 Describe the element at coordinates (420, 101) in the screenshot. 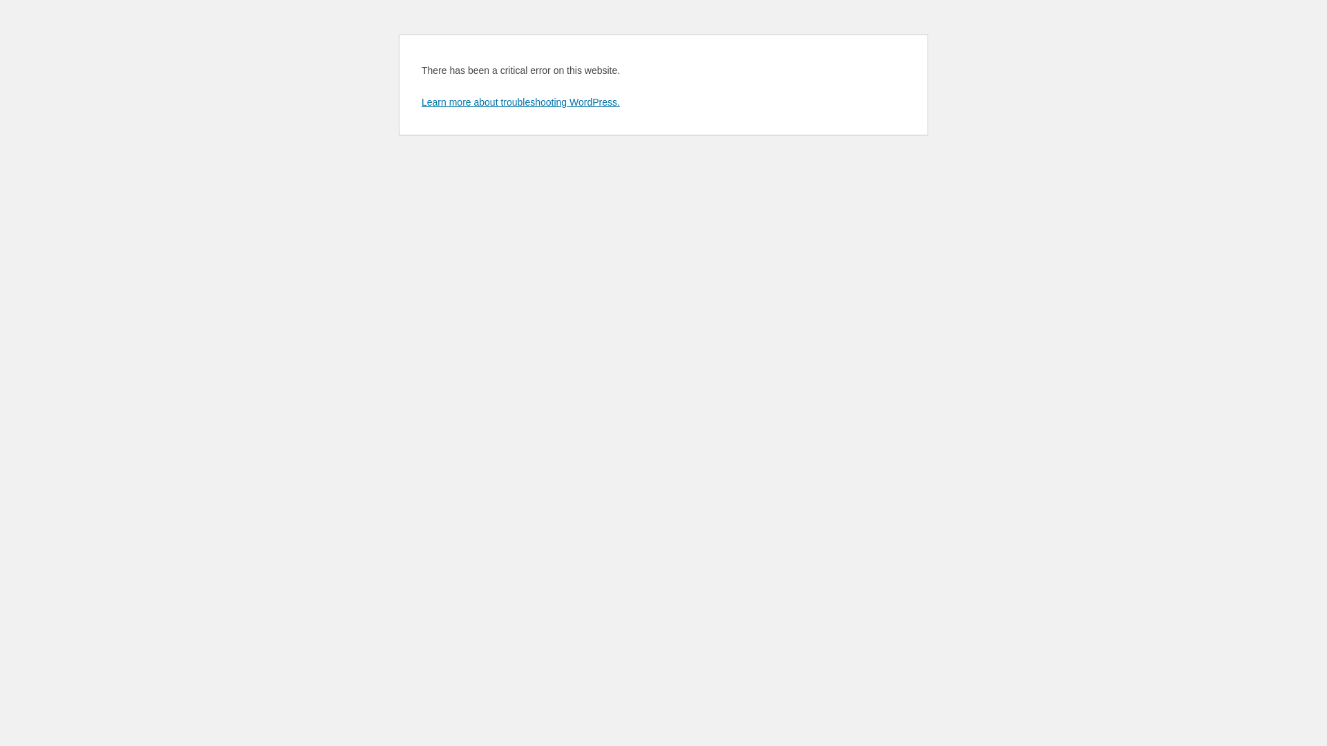

I see `'Learn more about troubleshooting WordPress.'` at that location.